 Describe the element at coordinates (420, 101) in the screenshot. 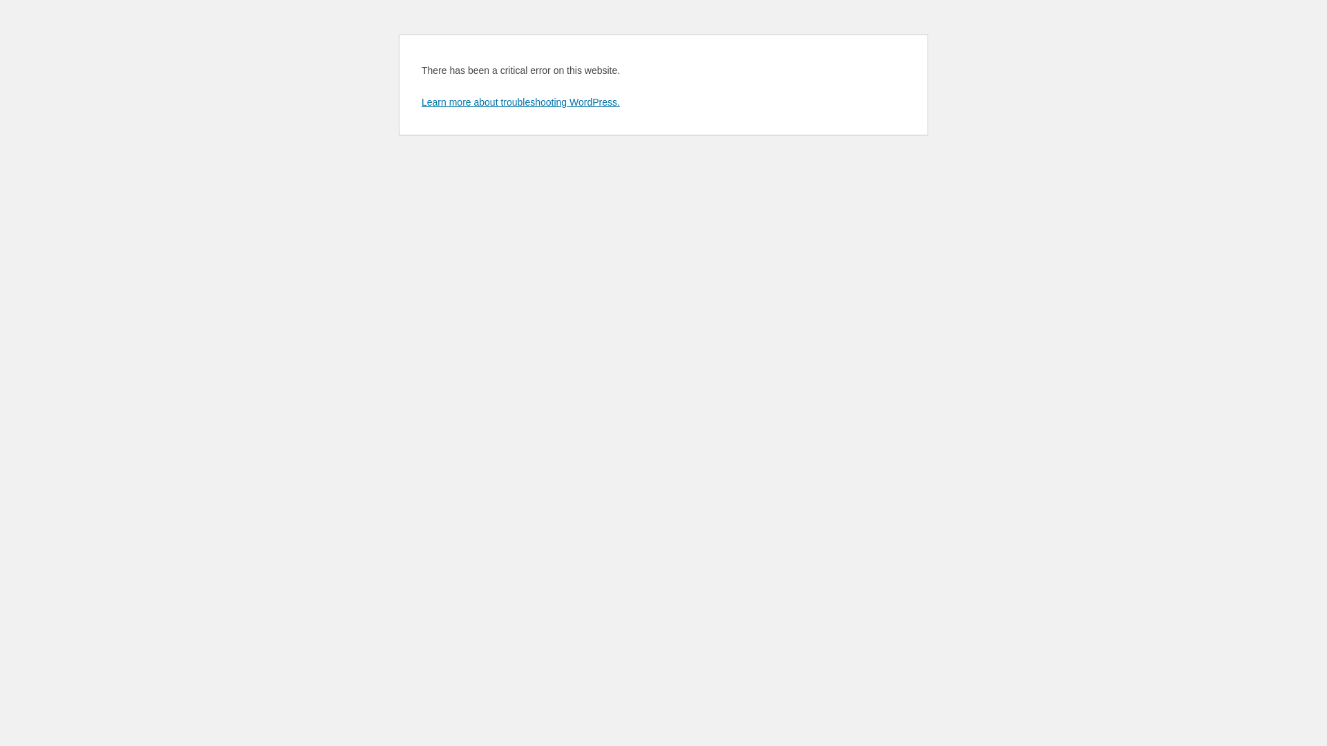

I see `'Learn more about troubleshooting WordPress.'` at that location.